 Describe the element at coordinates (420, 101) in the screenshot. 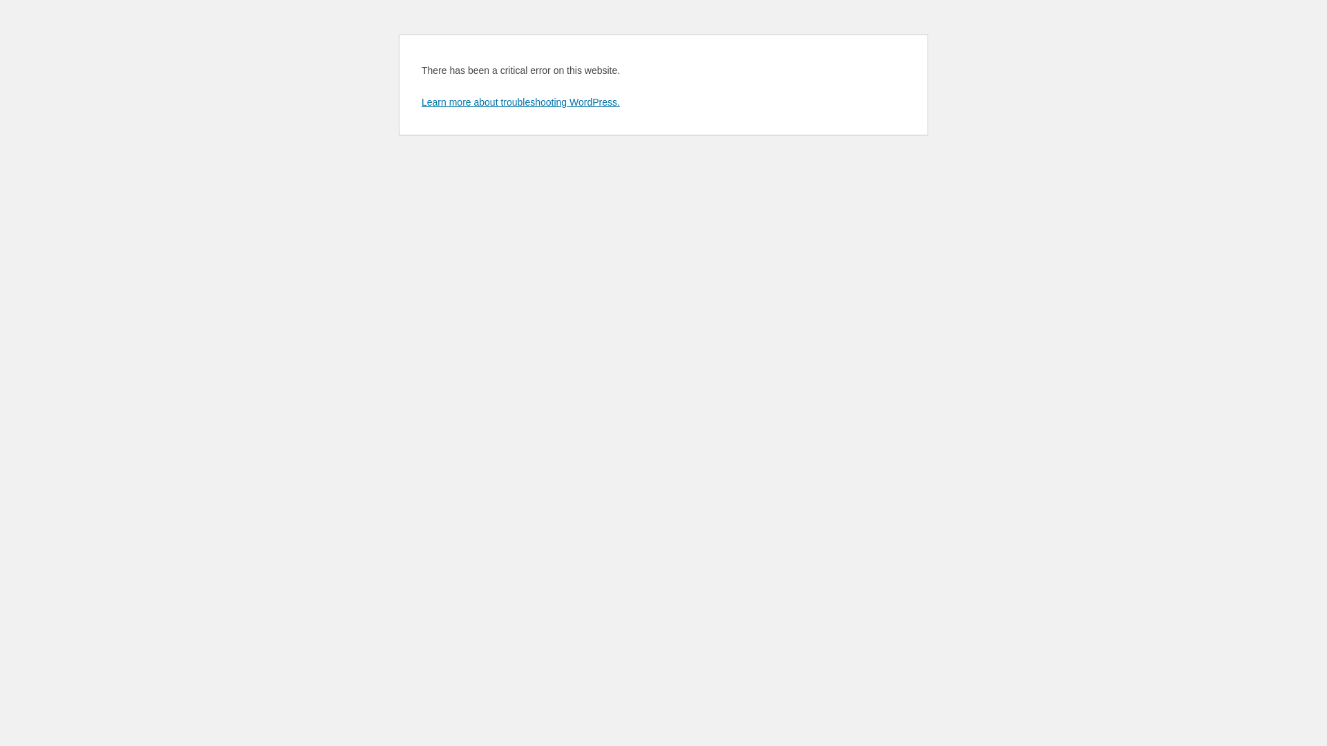

I see `'Learn more about troubleshooting WordPress.'` at that location.